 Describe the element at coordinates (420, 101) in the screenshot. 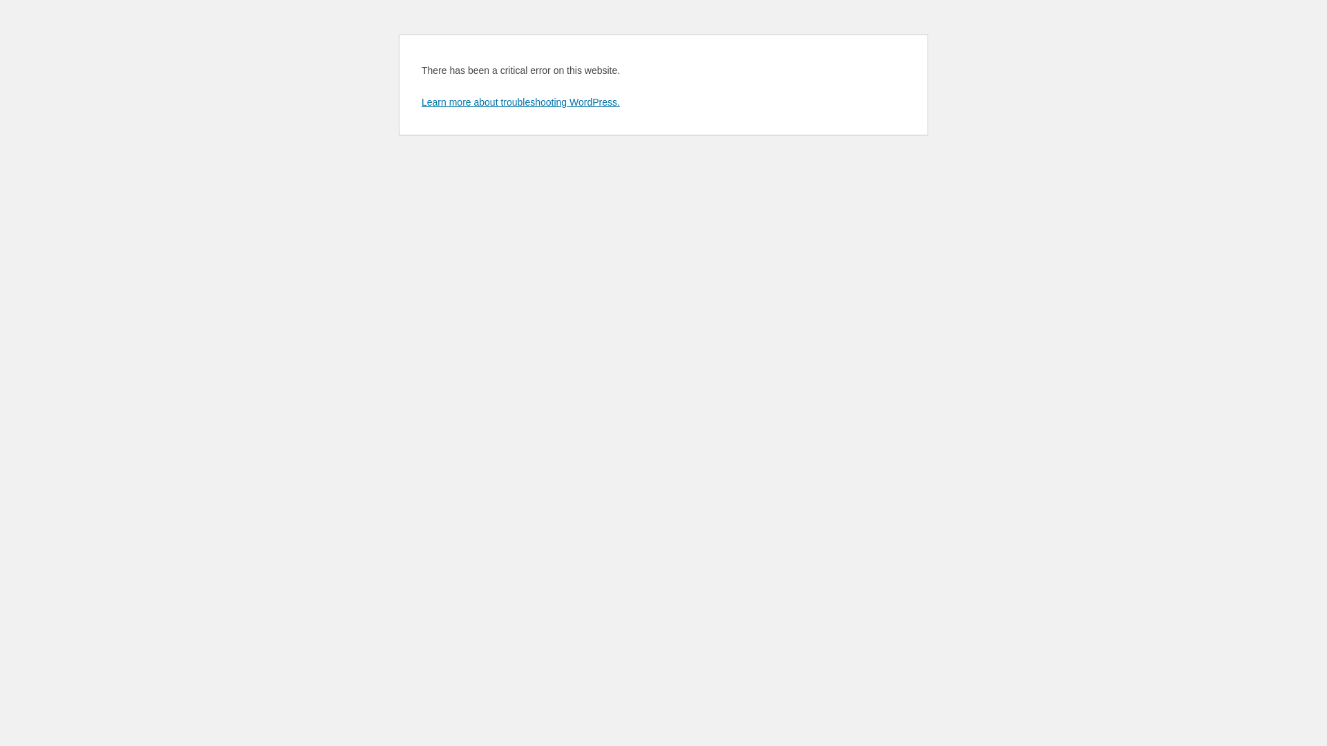

I see `'Learn more about troubleshooting WordPress.'` at that location.